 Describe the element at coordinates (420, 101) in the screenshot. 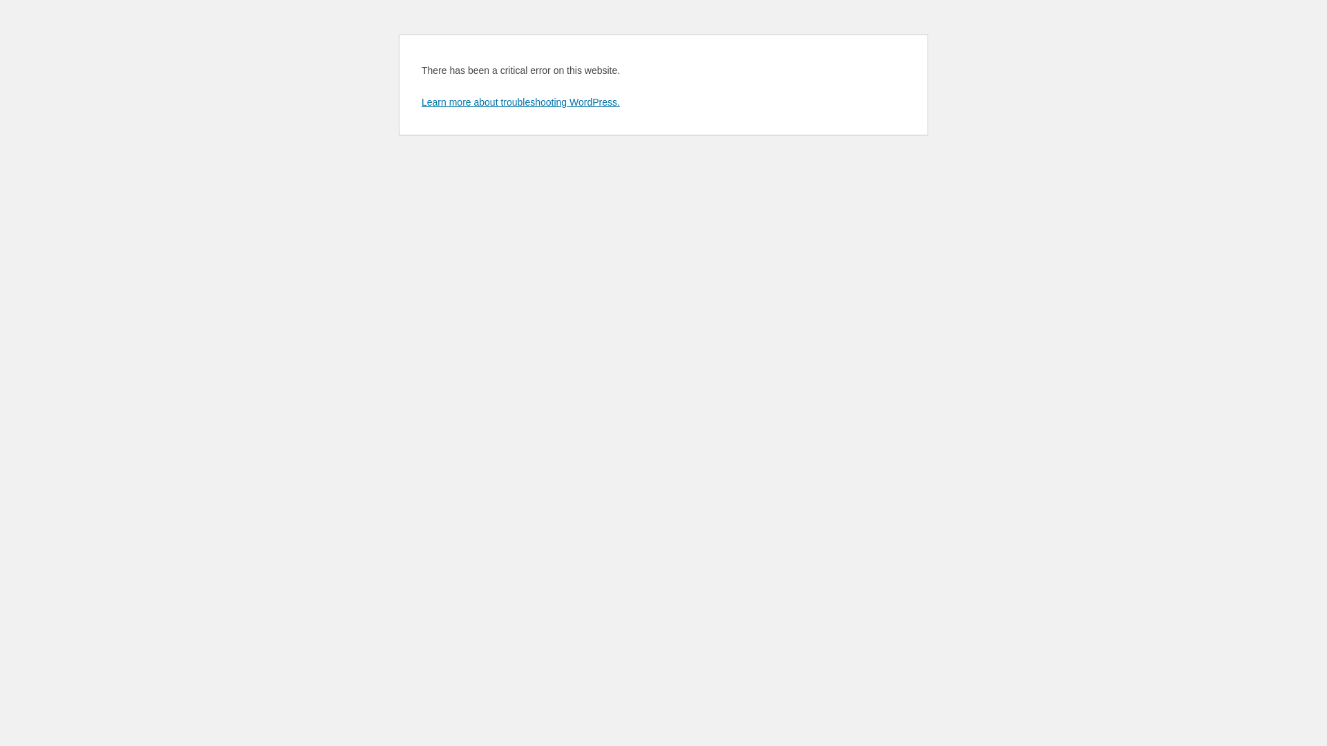

I see `'Learn more about troubleshooting WordPress.'` at that location.